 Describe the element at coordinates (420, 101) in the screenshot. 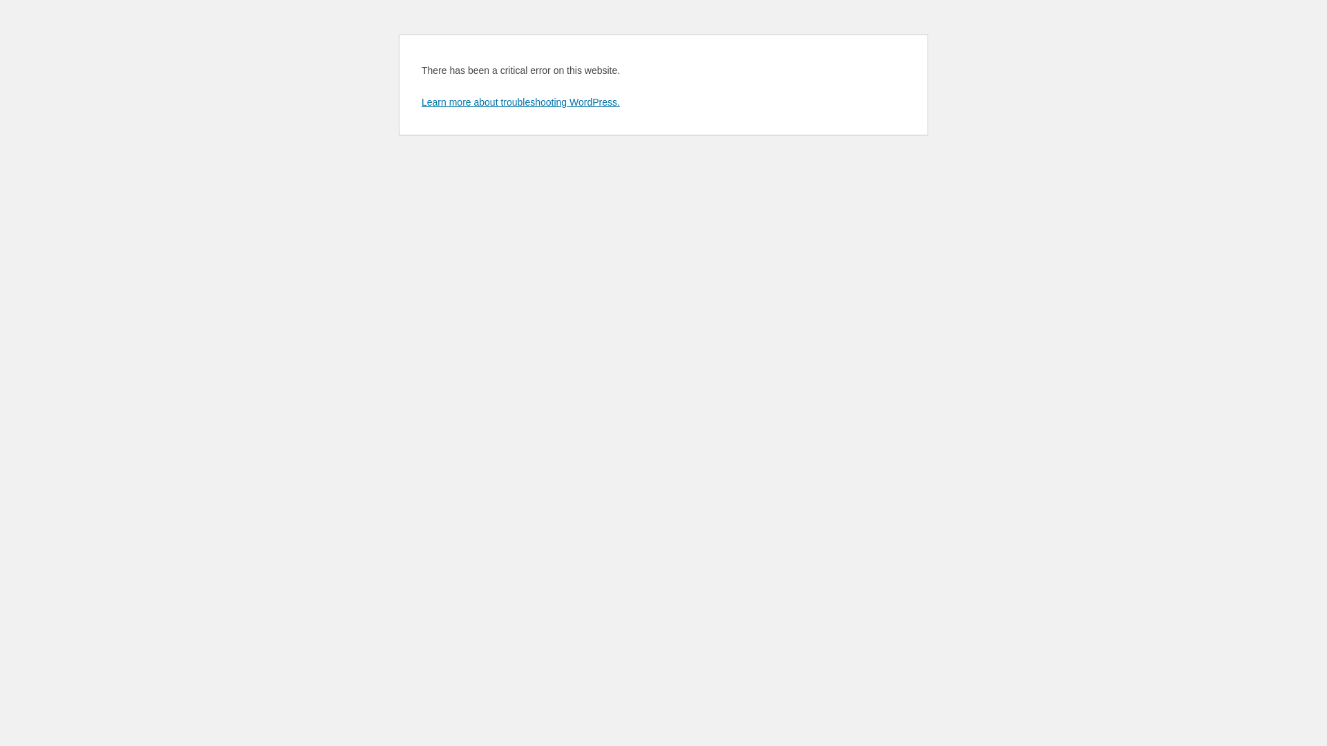

I see `'Learn more about troubleshooting WordPress.'` at that location.